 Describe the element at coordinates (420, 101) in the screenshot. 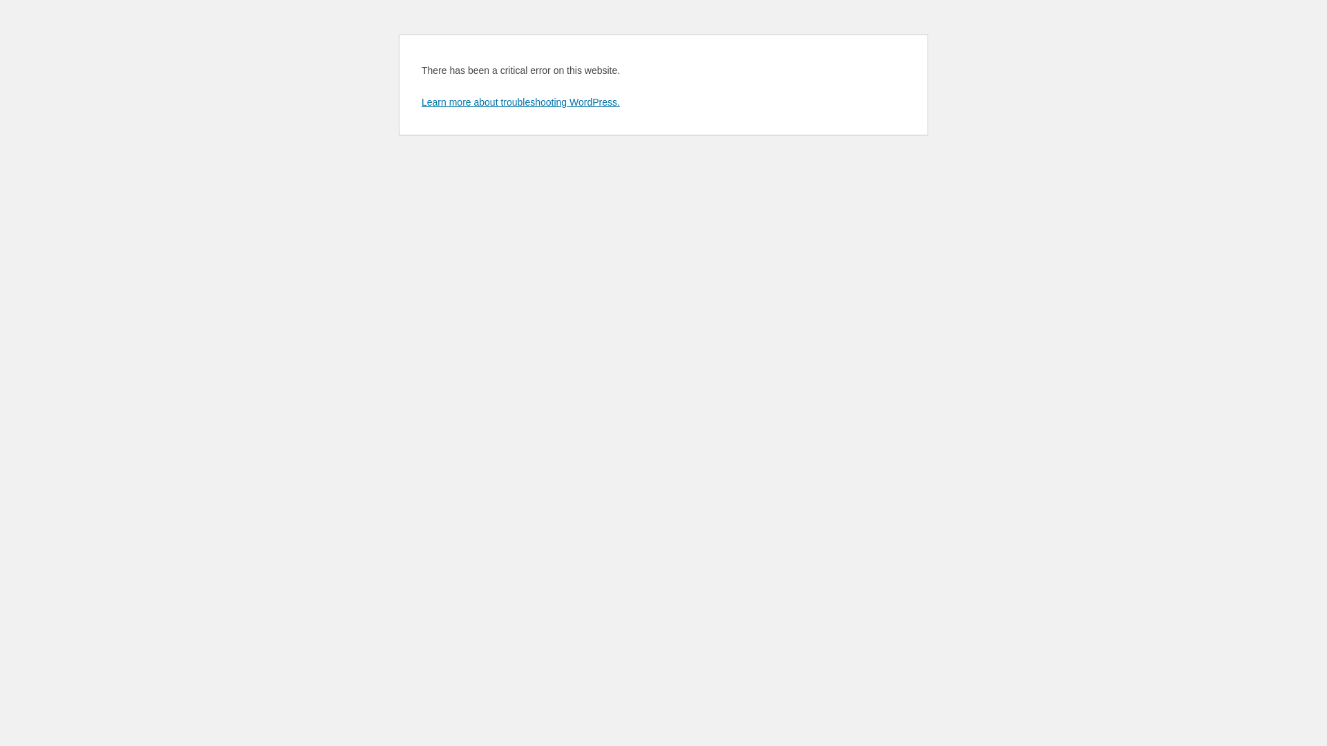

I see `'Learn more about troubleshooting WordPress.'` at that location.